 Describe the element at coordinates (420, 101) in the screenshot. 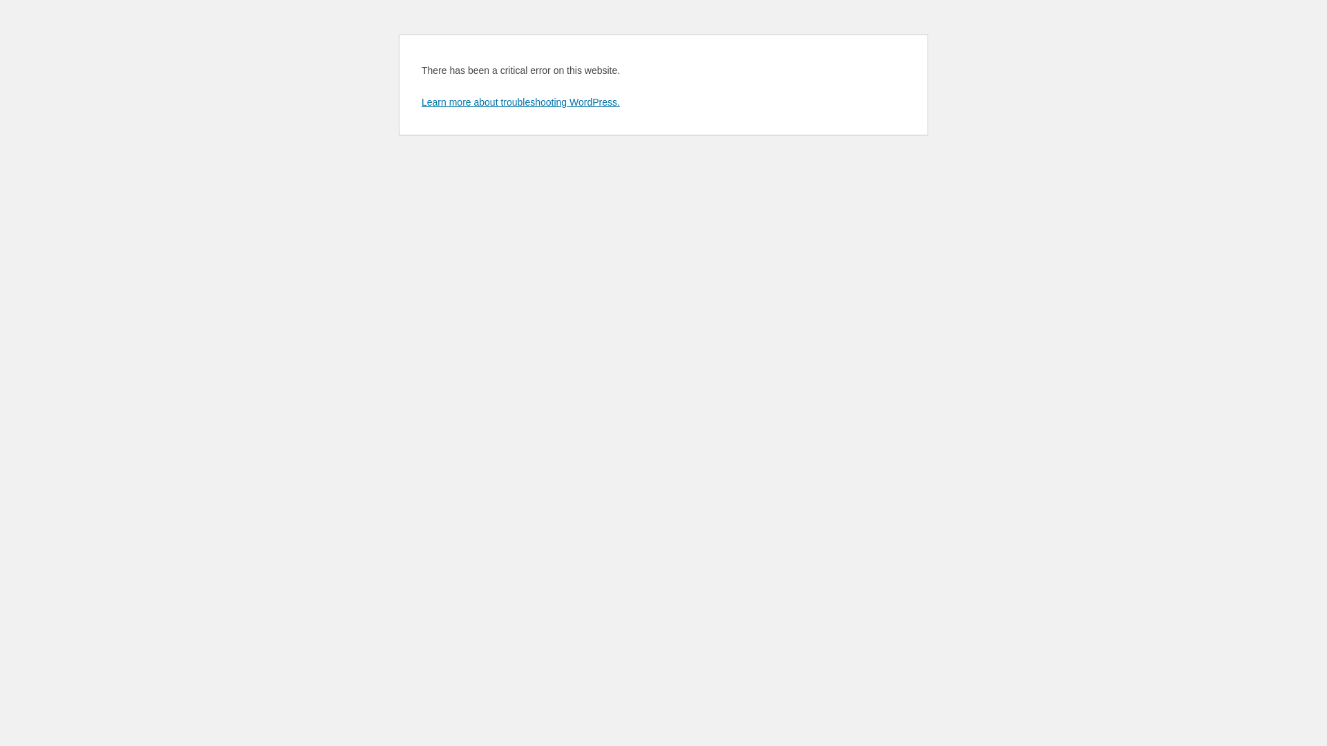

I see `'Learn more about troubleshooting WordPress.'` at that location.